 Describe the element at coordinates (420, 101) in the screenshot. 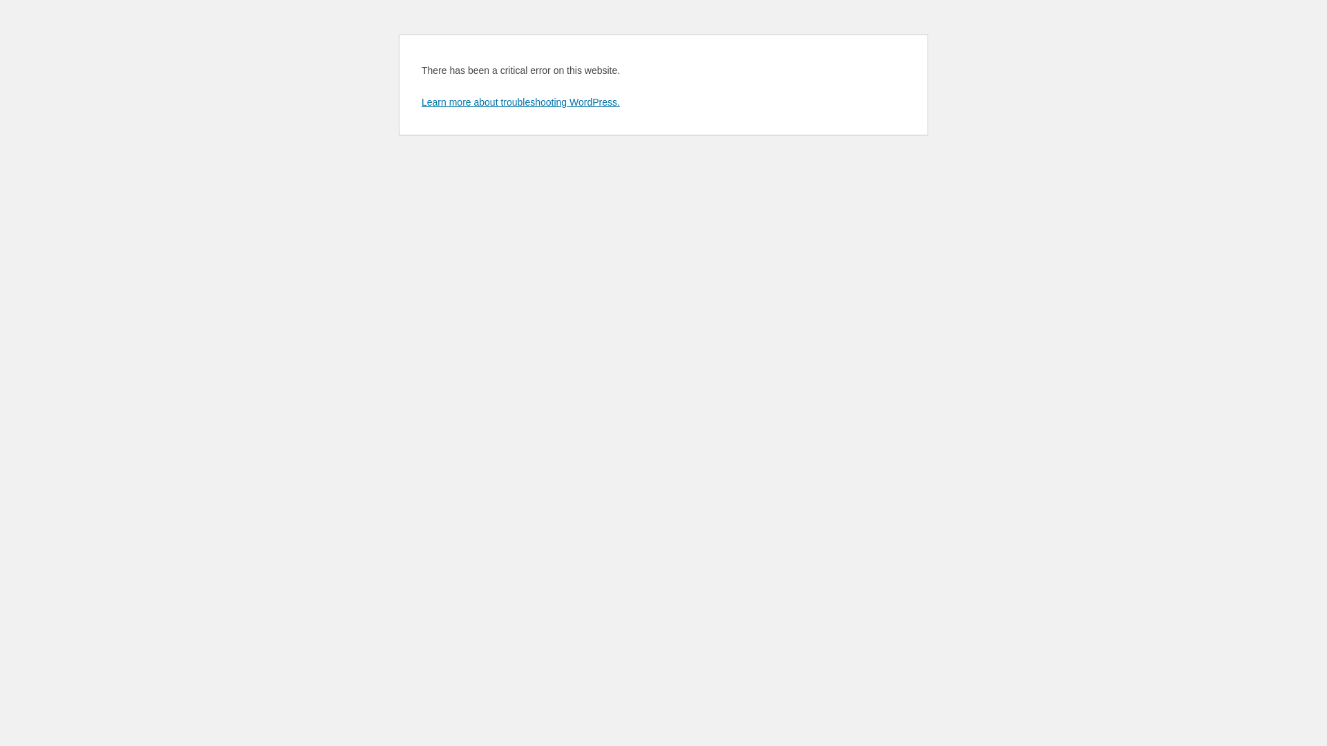

I see `'Learn more about troubleshooting WordPress.'` at that location.